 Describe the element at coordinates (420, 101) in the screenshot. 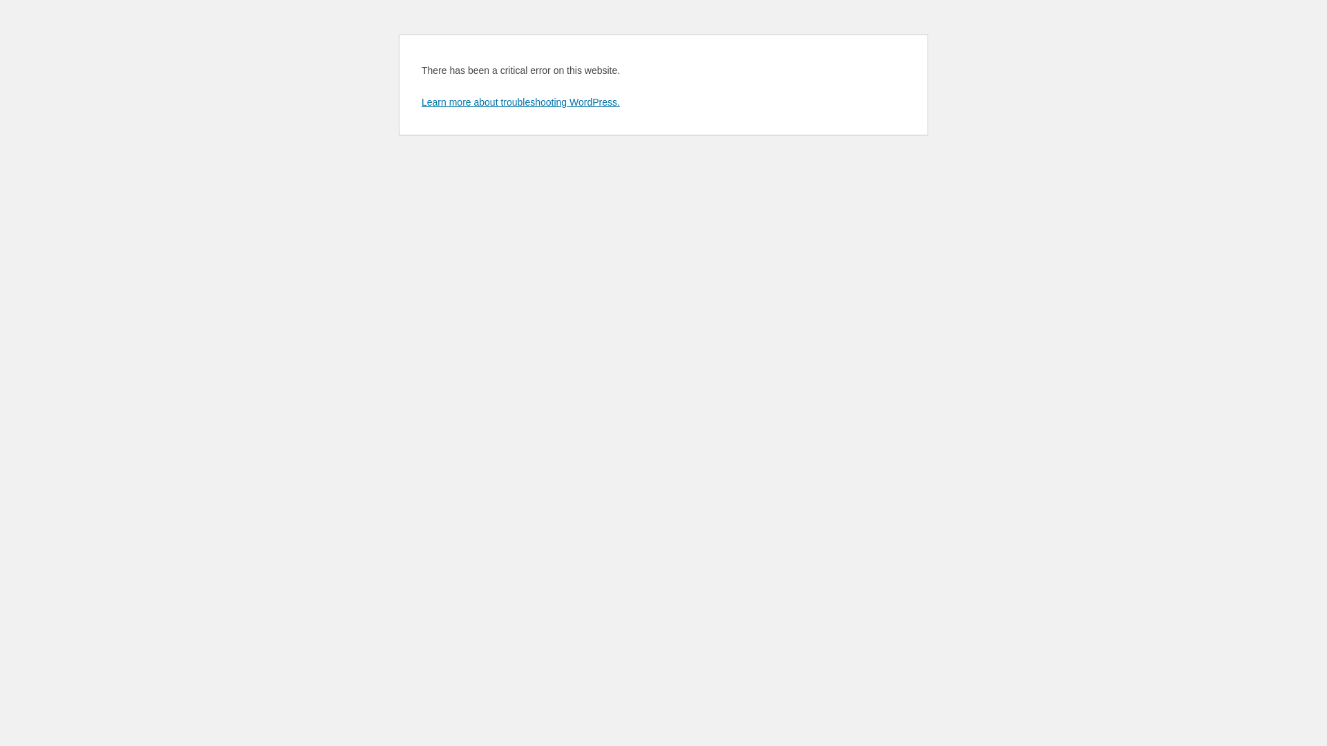

I see `'Learn more about troubleshooting WordPress.'` at that location.